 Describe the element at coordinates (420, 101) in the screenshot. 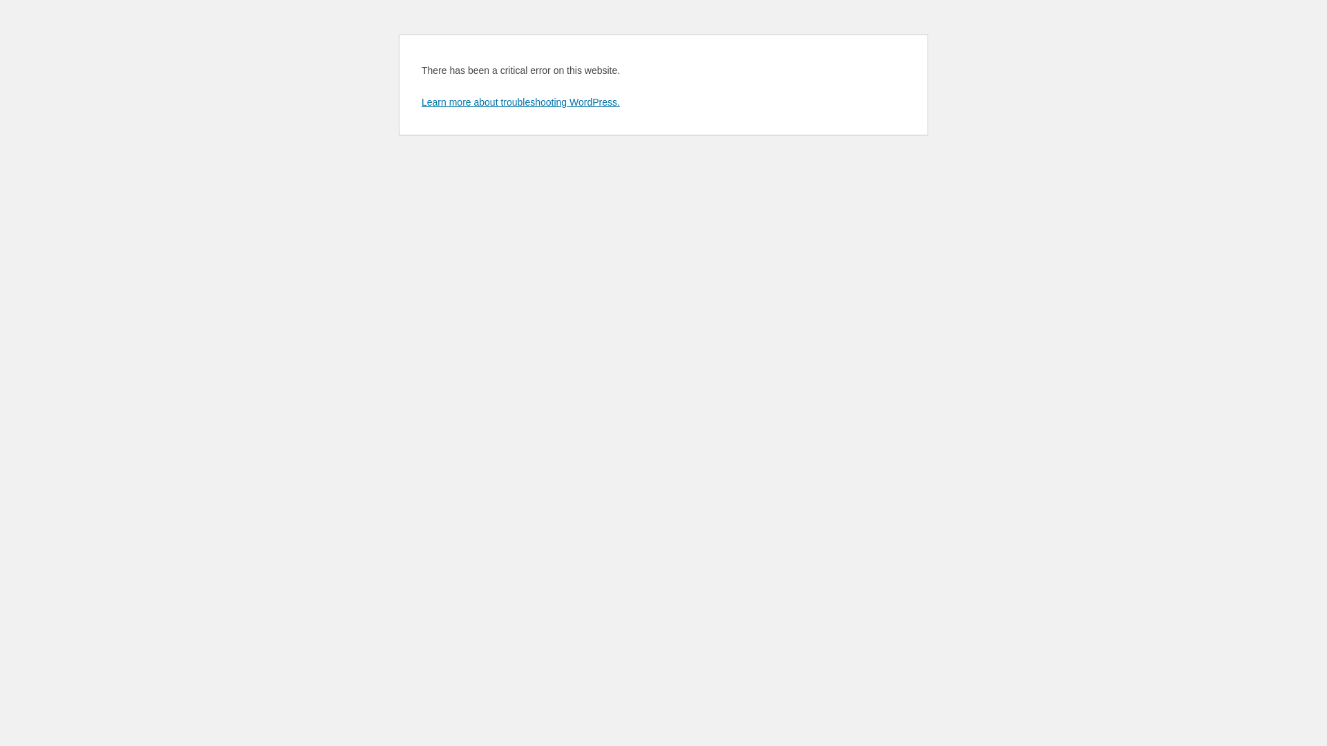

I see `'Learn more about troubleshooting WordPress.'` at that location.